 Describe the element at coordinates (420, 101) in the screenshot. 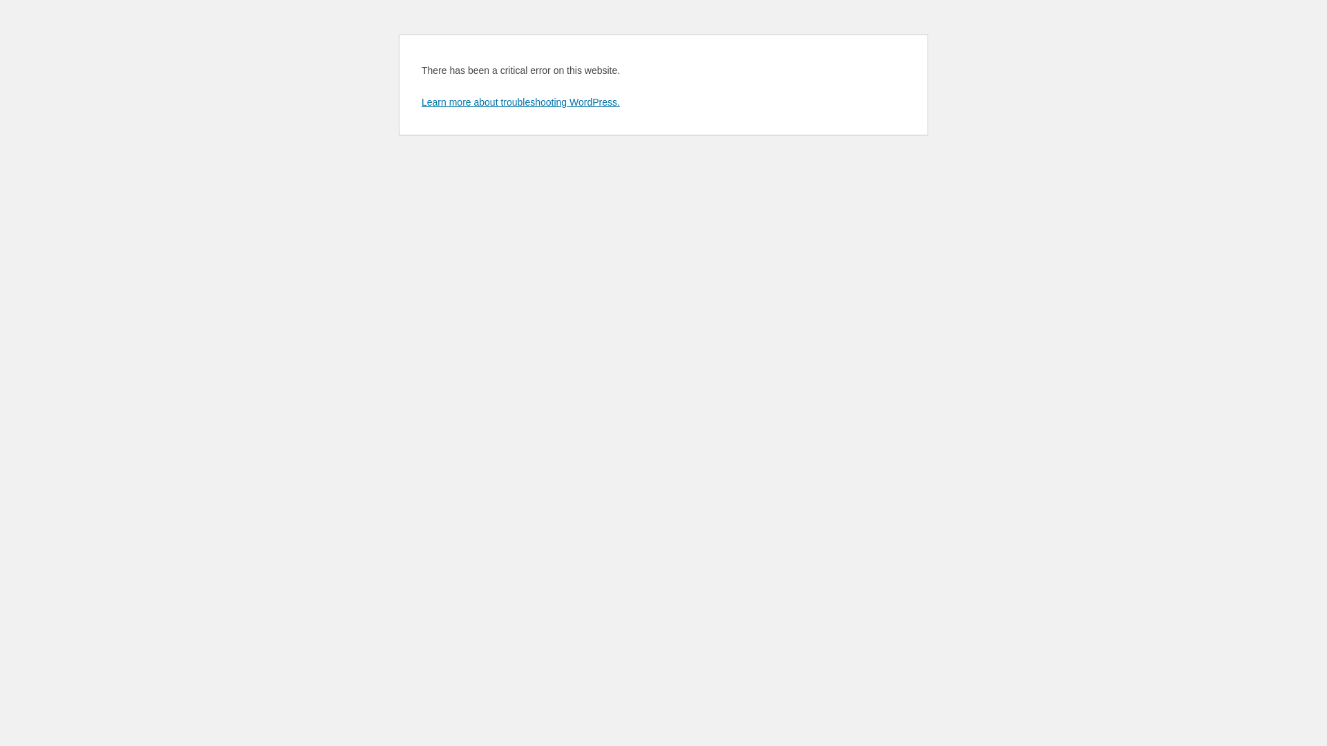

I see `'Learn more about troubleshooting WordPress.'` at that location.